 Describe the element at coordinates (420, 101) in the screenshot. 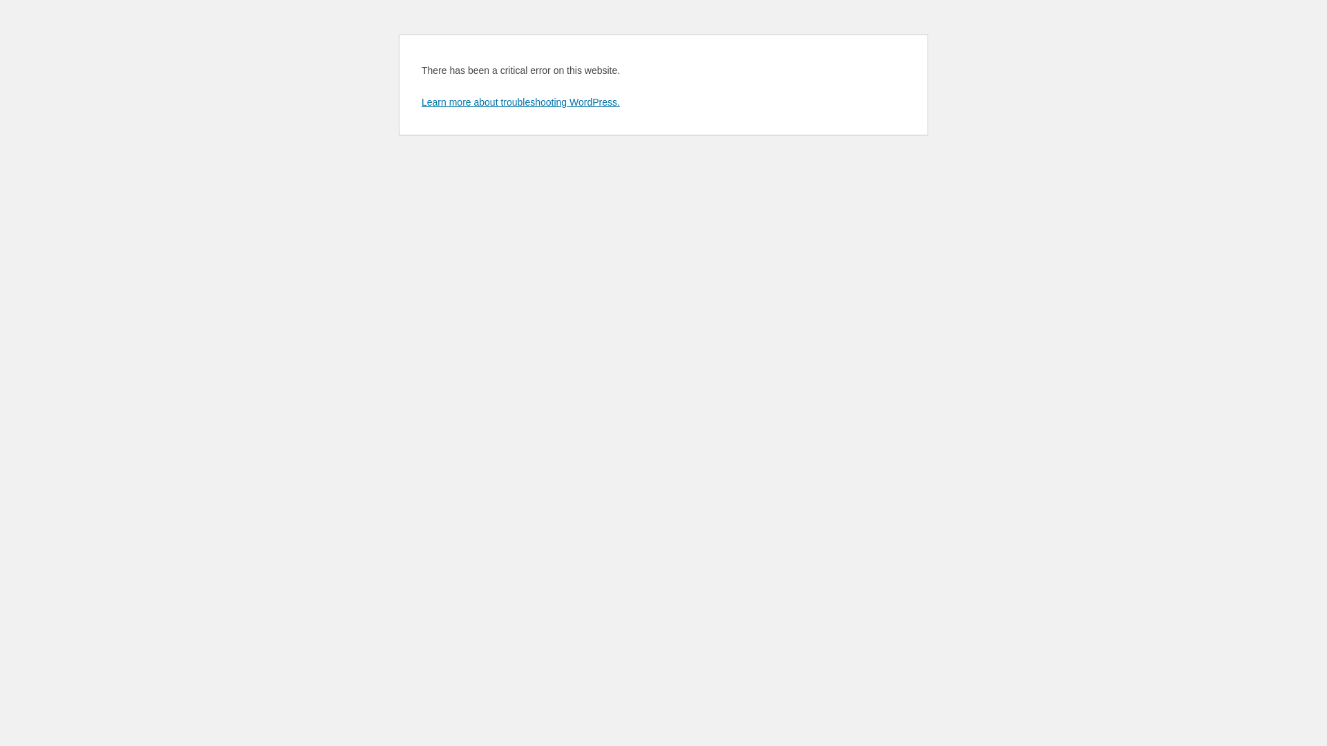

I see `'Learn more about troubleshooting WordPress.'` at that location.